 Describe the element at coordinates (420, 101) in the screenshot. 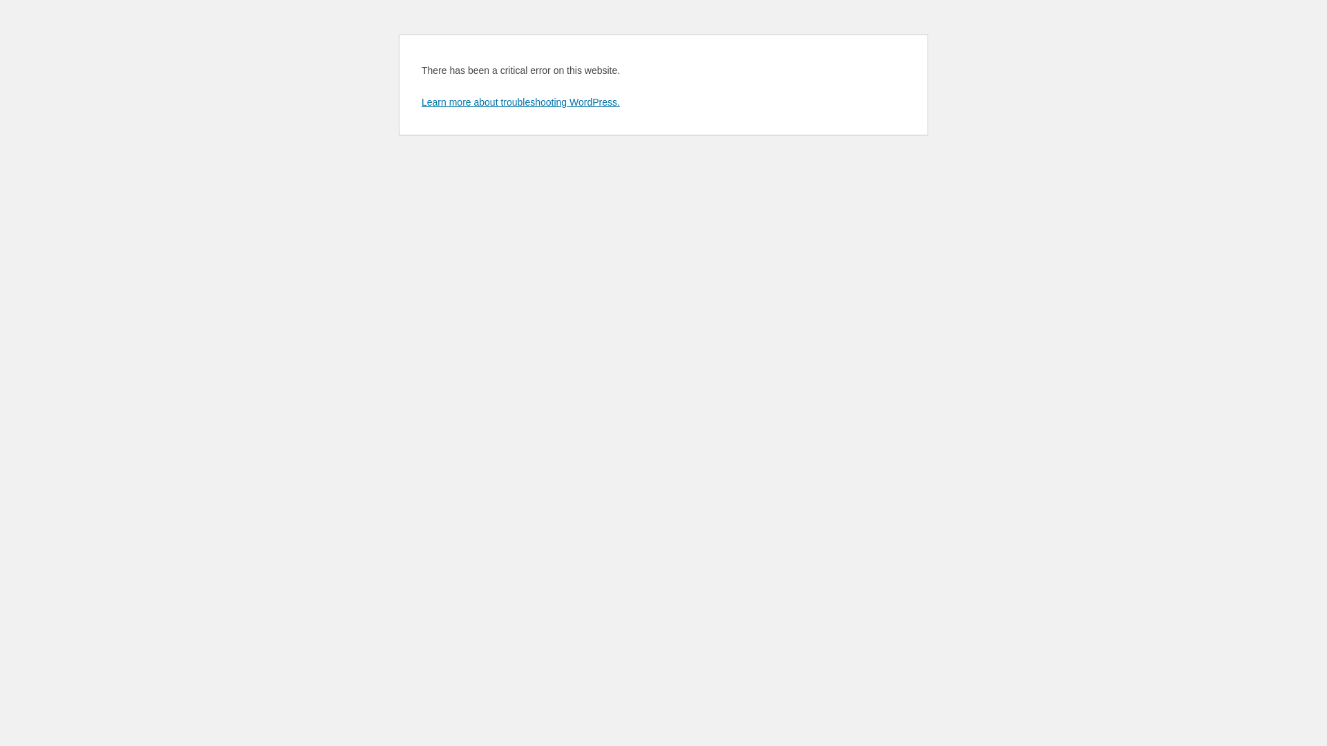

I see `'Learn more about troubleshooting WordPress.'` at that location.